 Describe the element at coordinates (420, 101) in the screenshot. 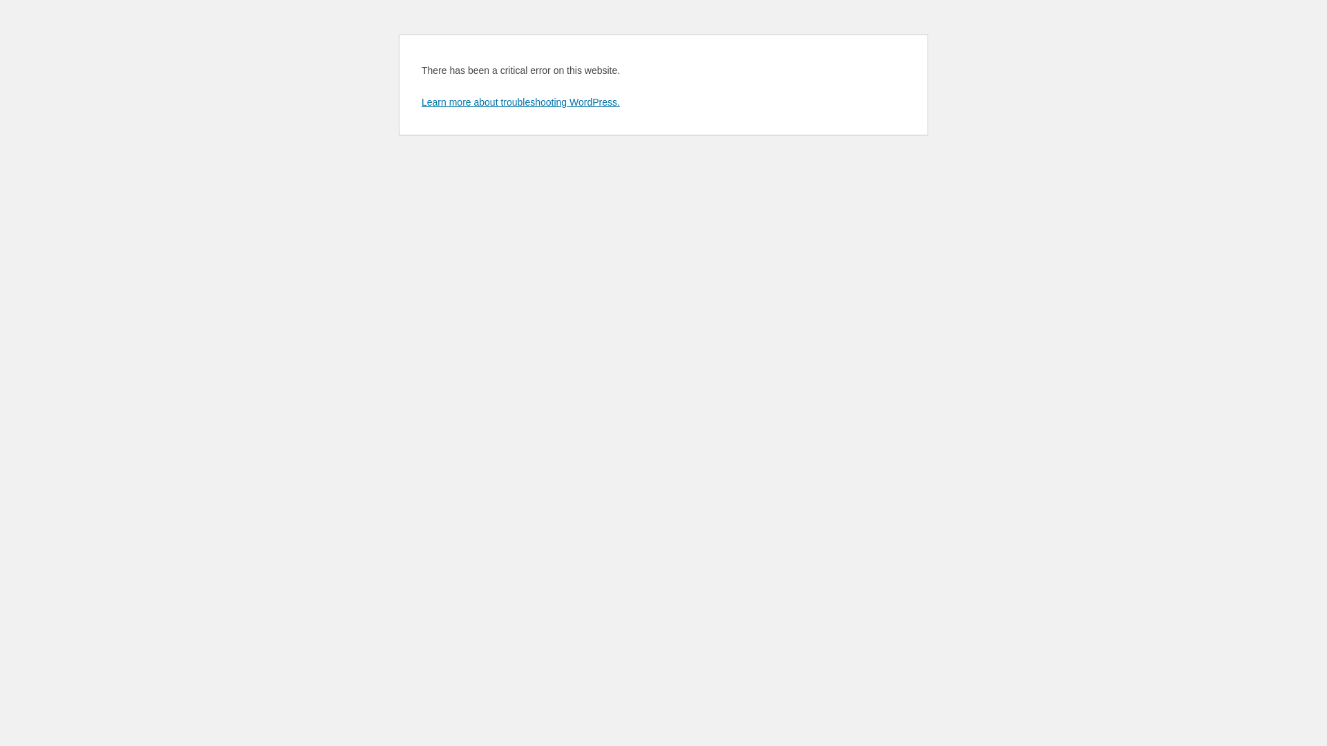

I see `'Learn more about troubleshooting WordPress.'` at that location.